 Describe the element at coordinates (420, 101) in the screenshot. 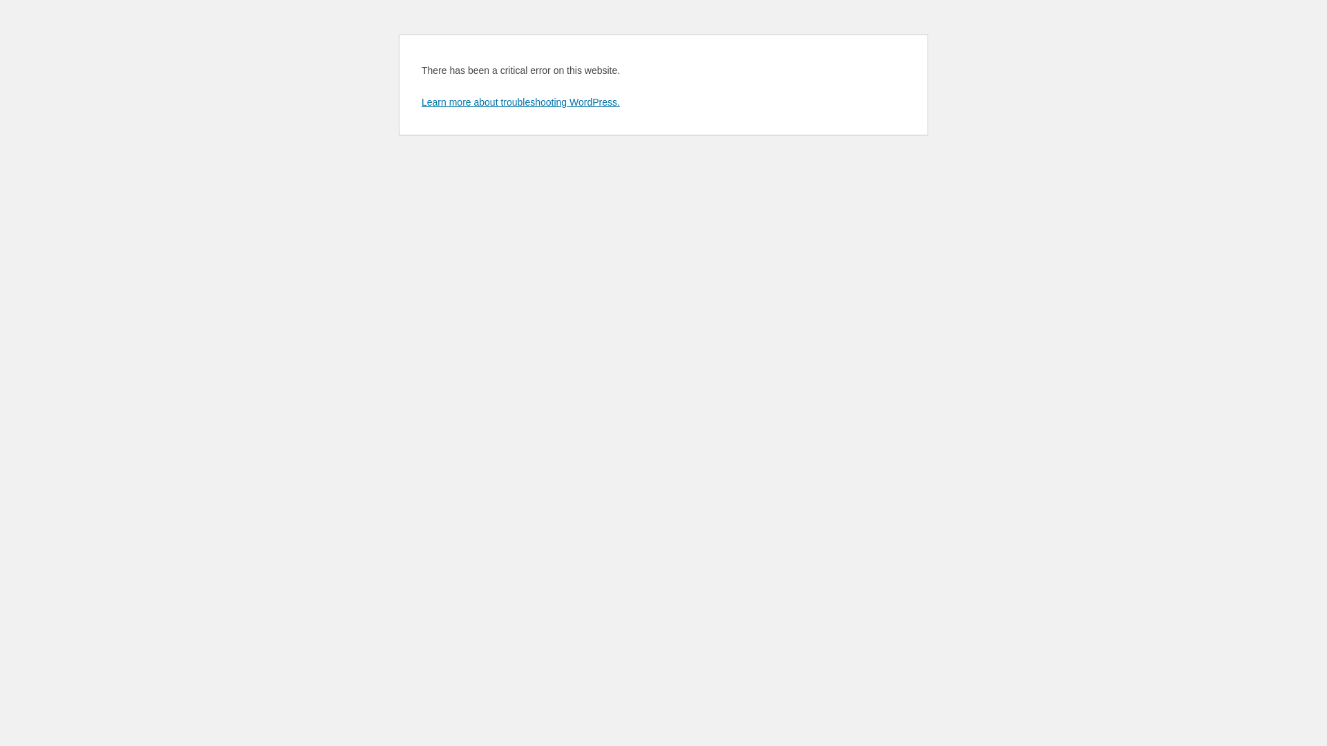

I see `'Learn more about troubleshooting WordPress.'` at that location.